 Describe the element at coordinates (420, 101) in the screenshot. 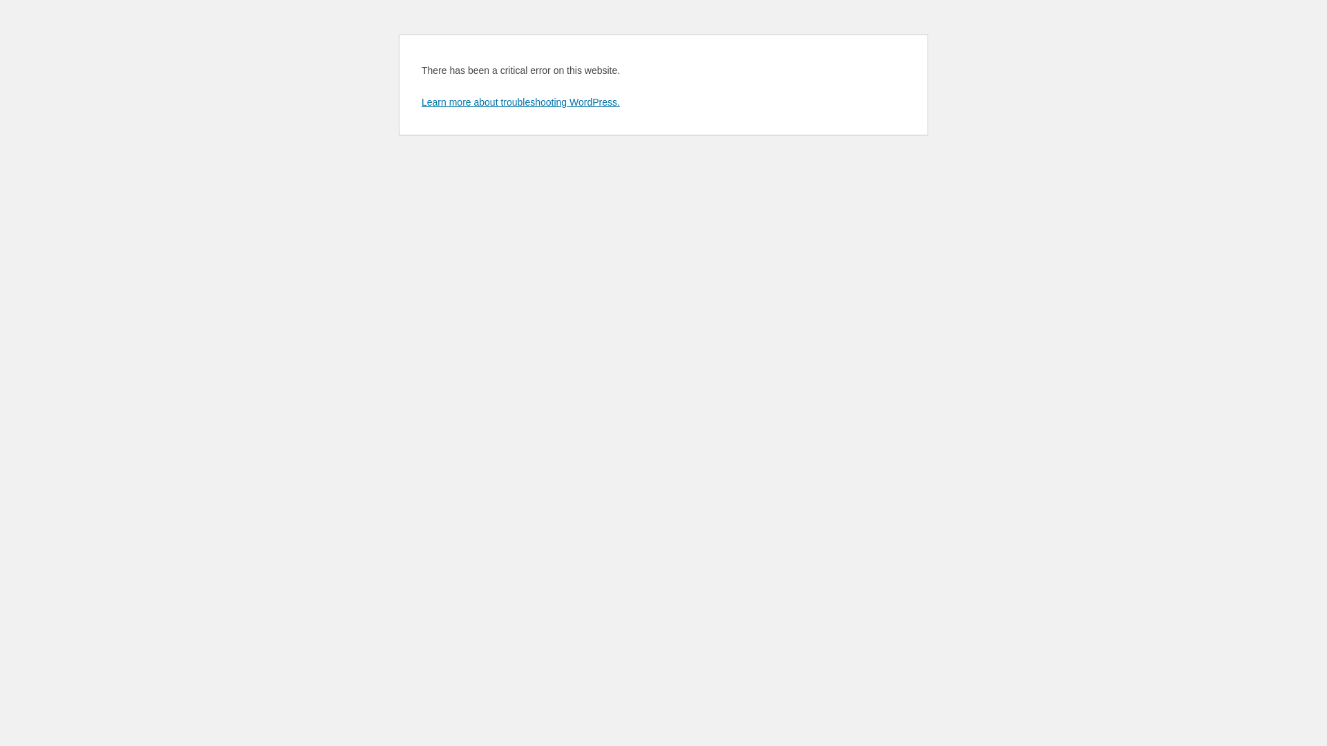

I see `'Learn more about troubleshooting WordPress.'` at that location.